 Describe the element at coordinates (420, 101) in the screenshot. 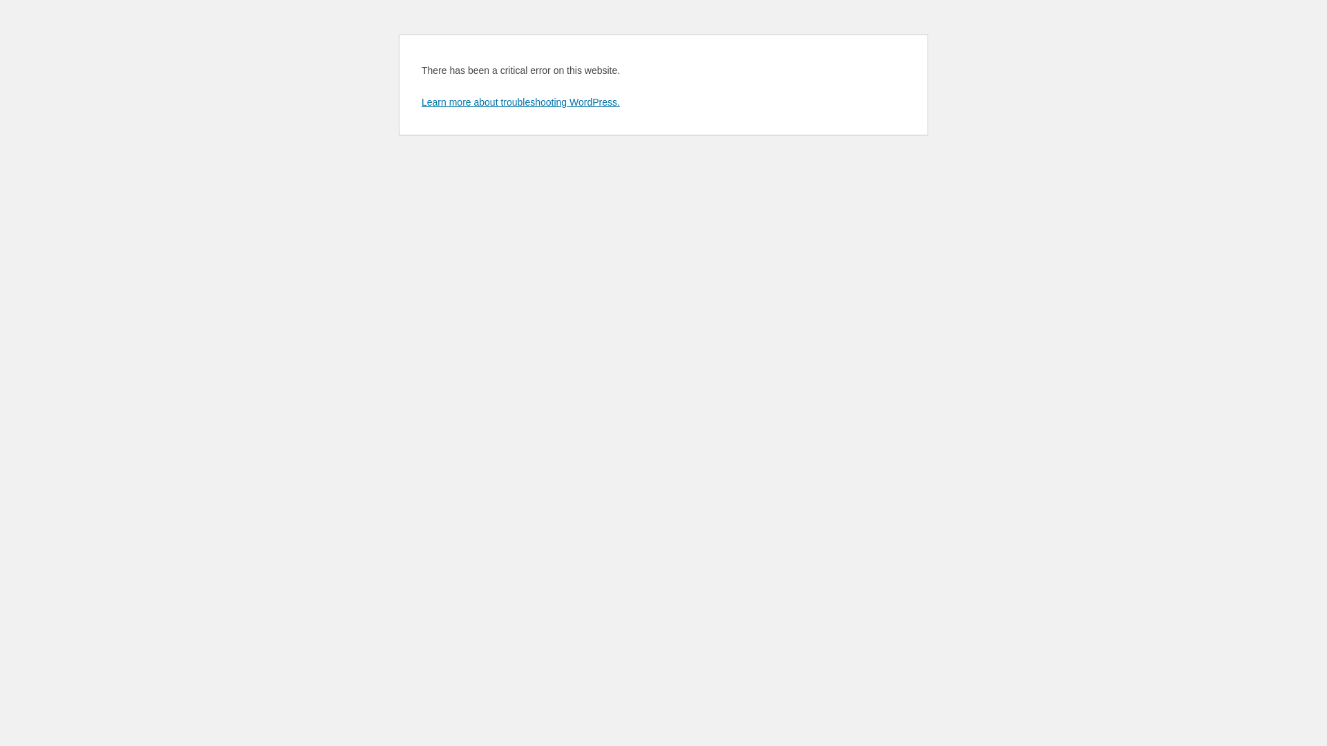

I see `'Learn more about troubleshooting WordPress.'` at that location.